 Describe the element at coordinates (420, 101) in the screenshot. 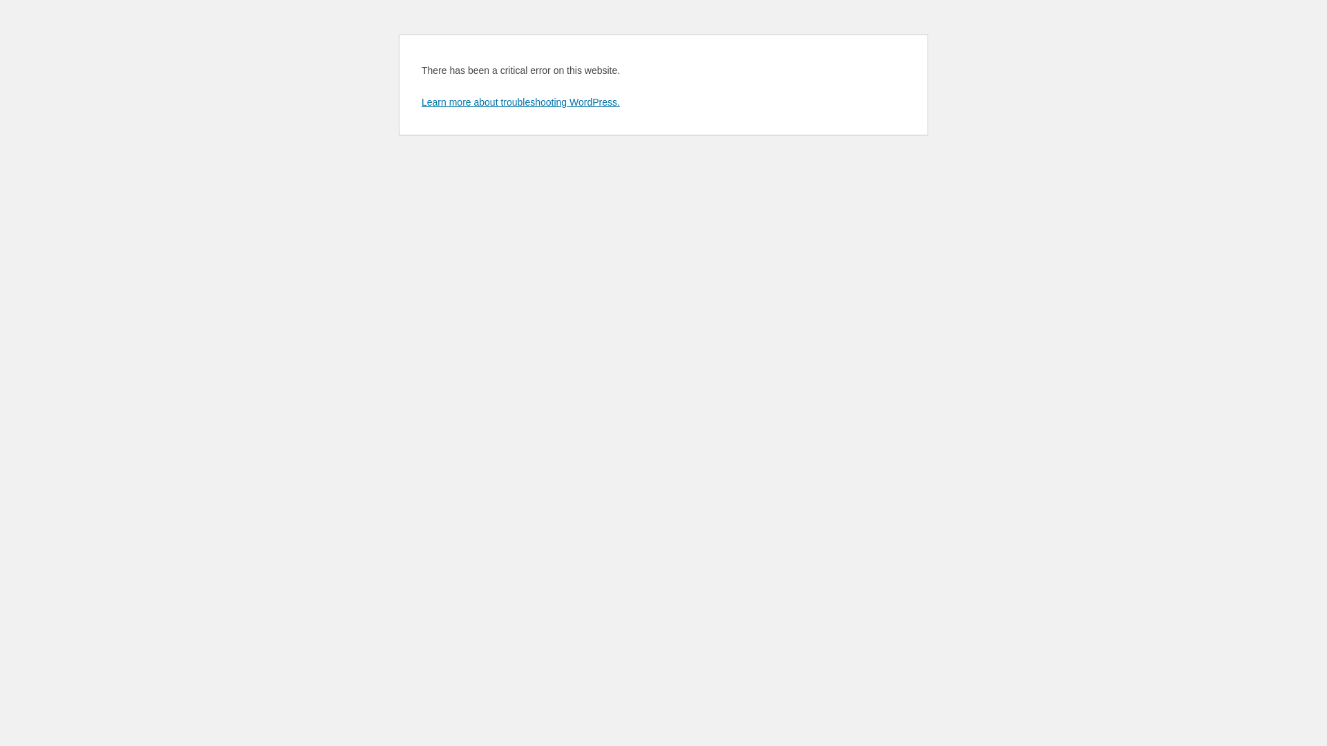

I see `'Learn more about troubleshooting WordPress.'` at that location.